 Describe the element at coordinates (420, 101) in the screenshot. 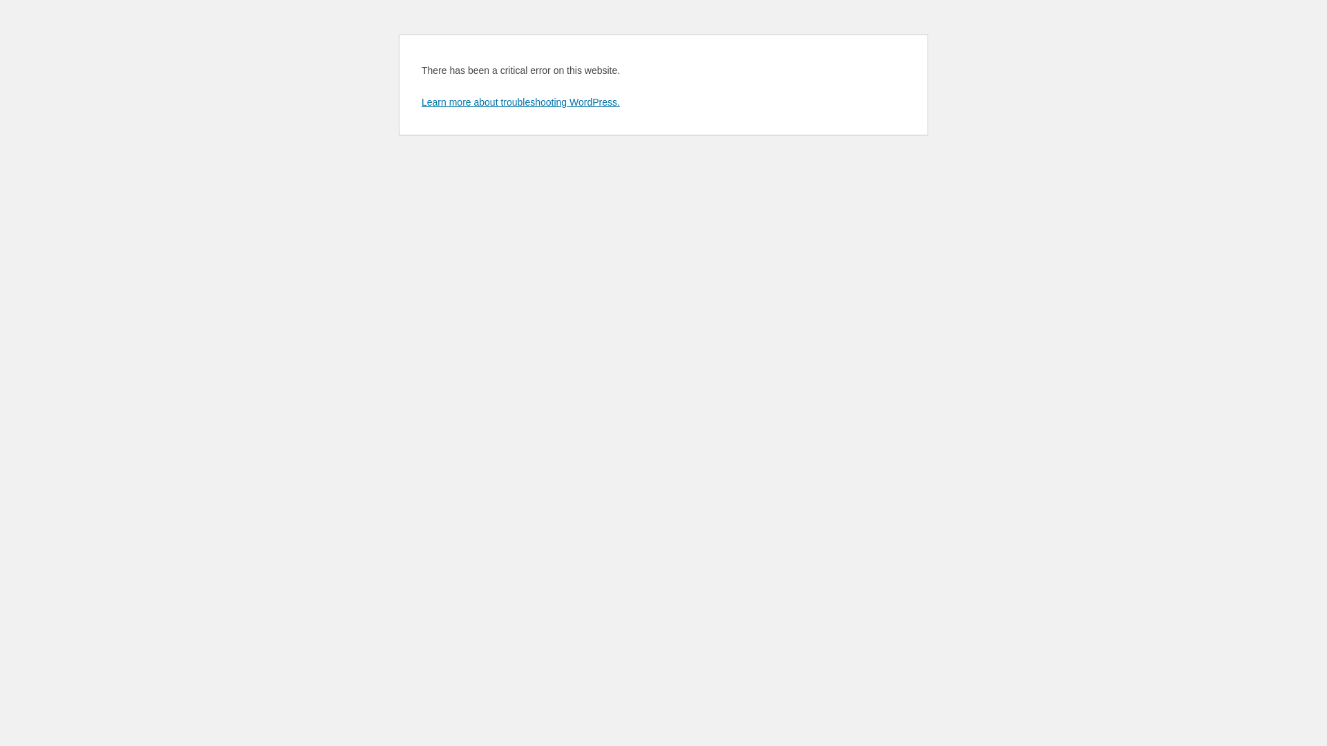

I see `'Learn more about troubleshooting WordPress.'` at that location.